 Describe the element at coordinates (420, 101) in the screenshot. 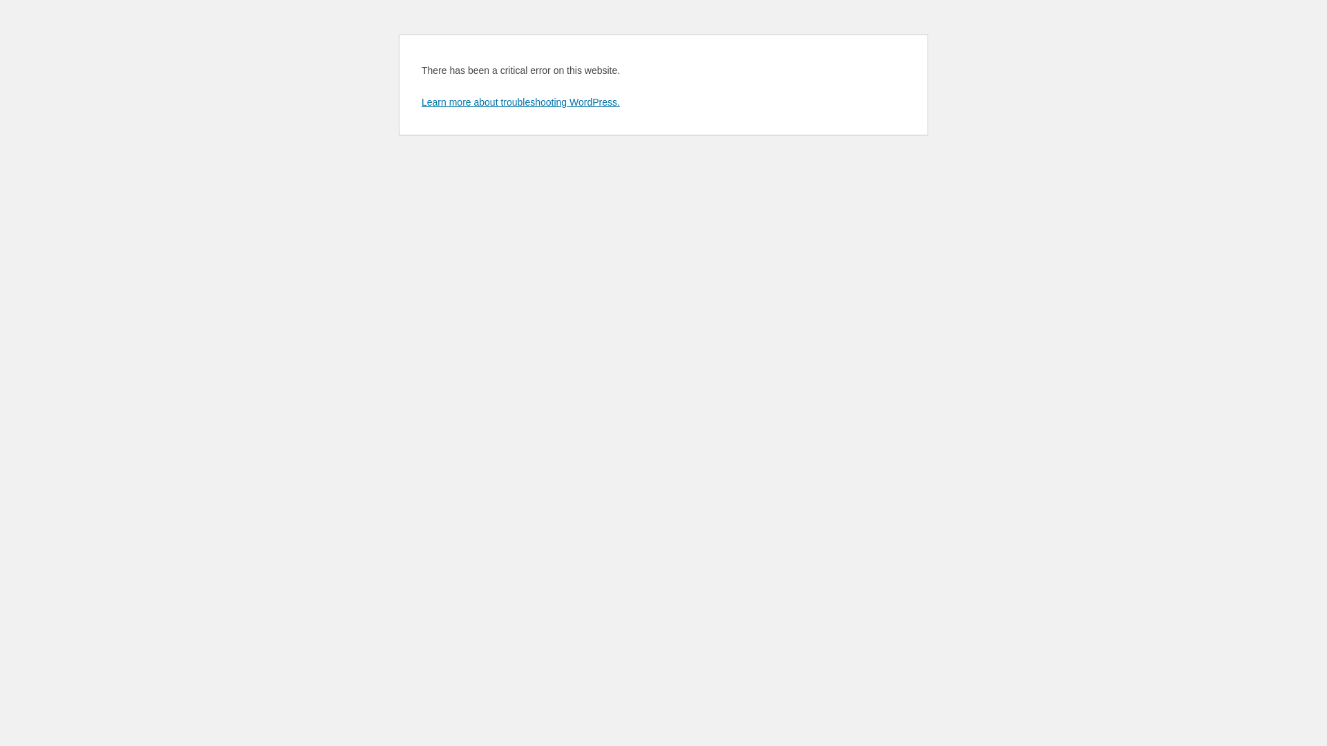

I see `'Learn more about troubleshooting WordPress.'` at that location.